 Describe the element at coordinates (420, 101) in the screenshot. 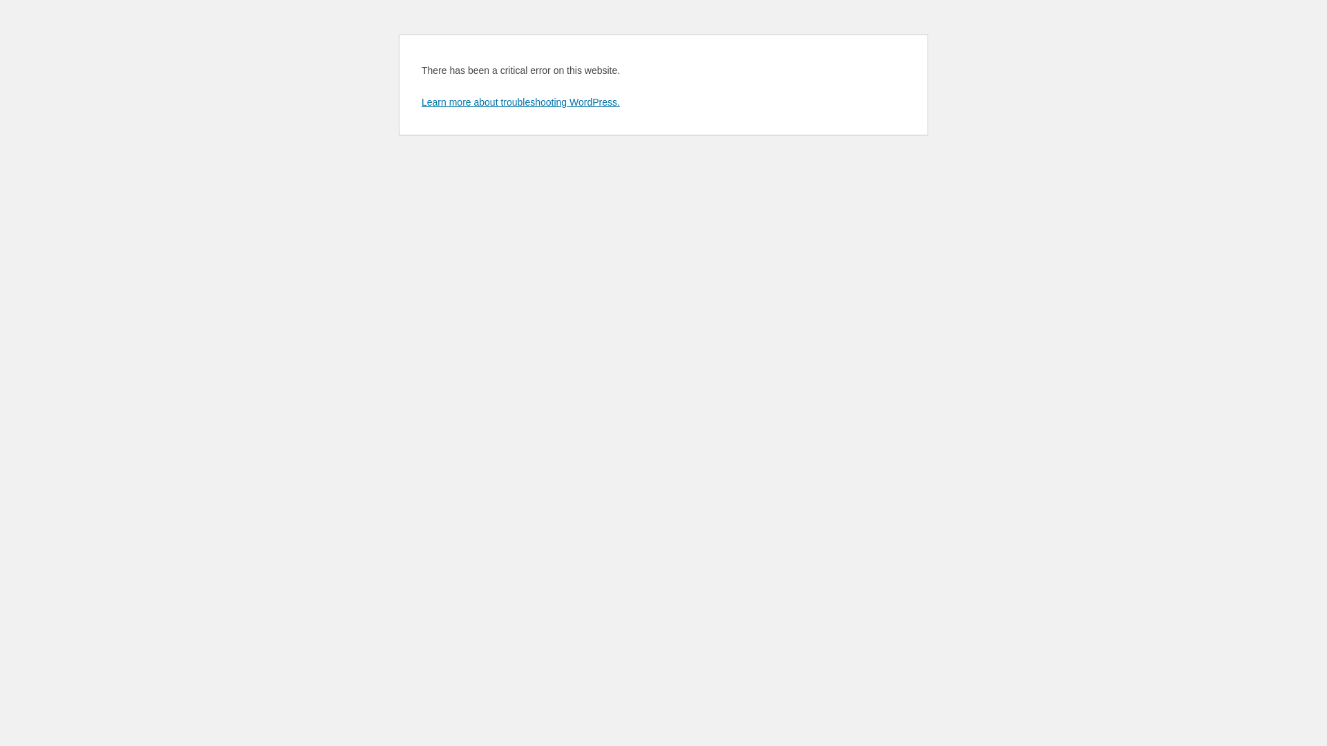

I see `'Learn more about troubleshooting WordPress.'` at that location.